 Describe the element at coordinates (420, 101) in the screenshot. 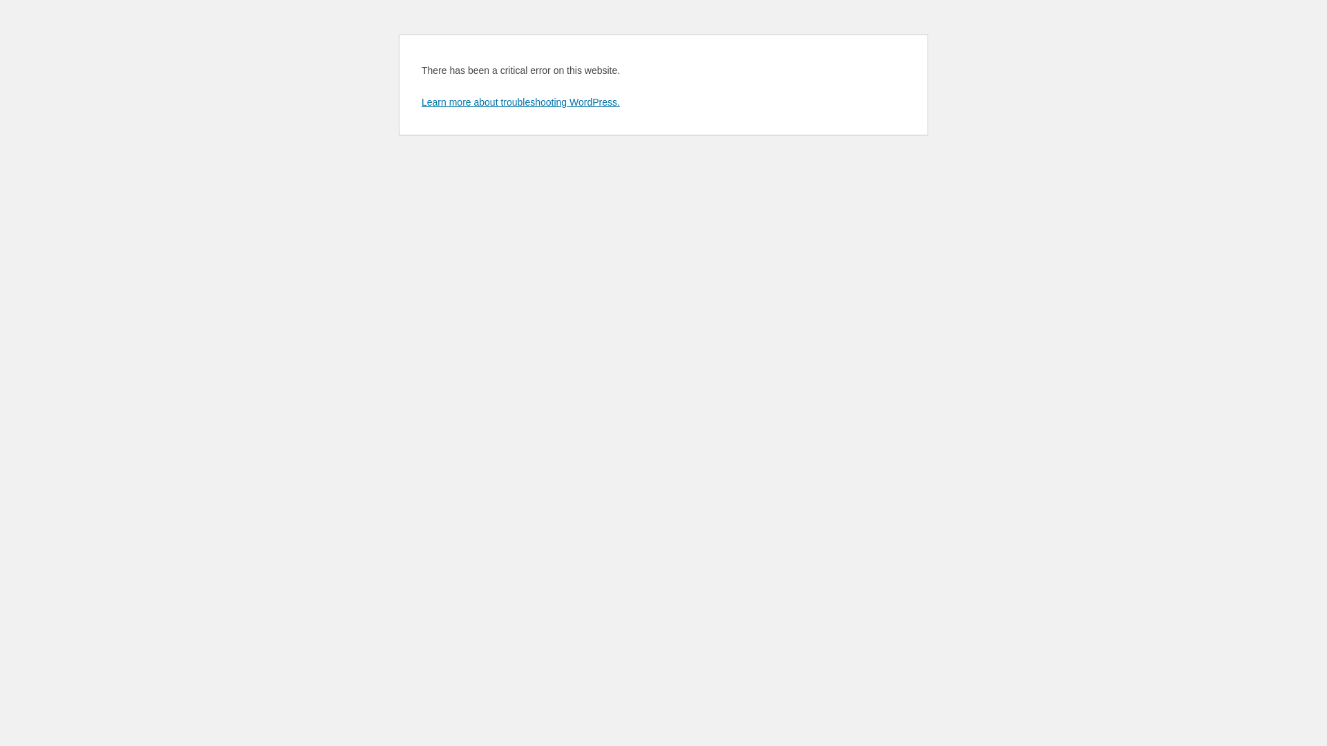

I see `'Learn more about troubleshooting WordPress.'` at that location.